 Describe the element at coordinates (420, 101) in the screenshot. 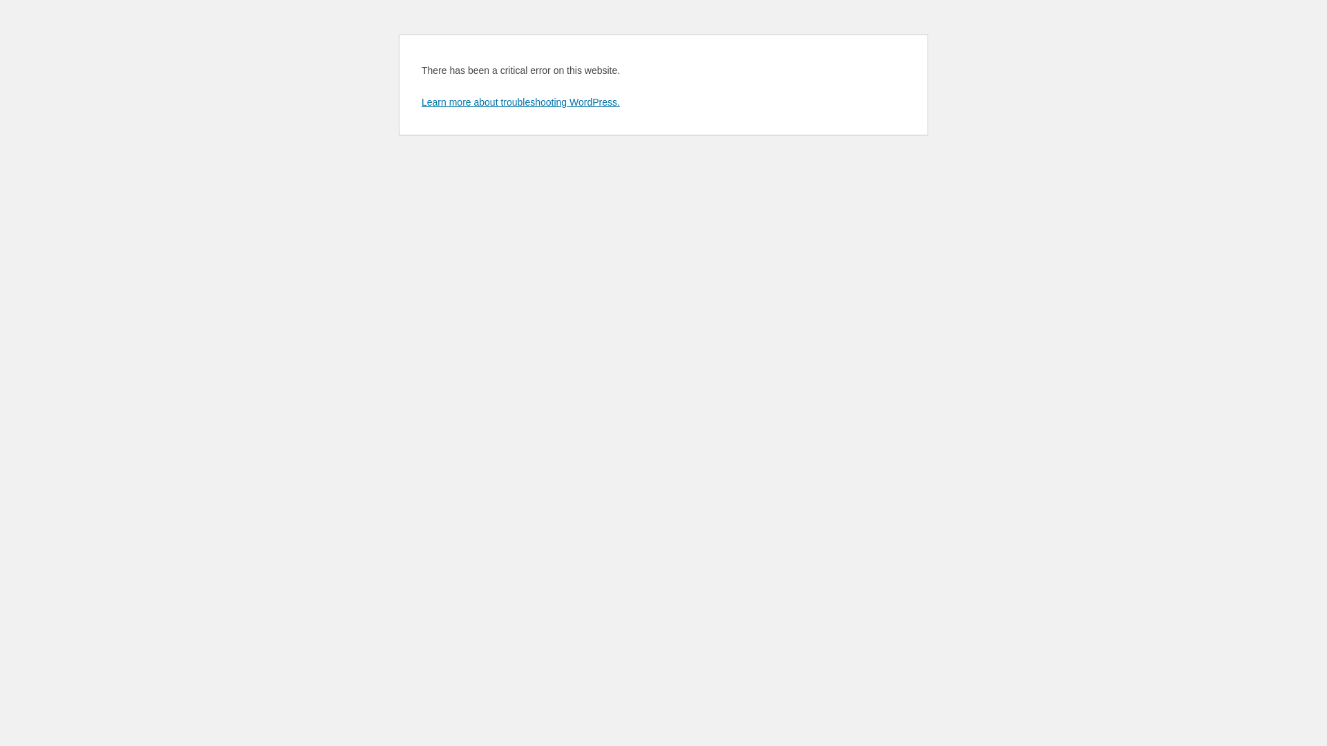

I see `'Learn more about troubleshooting WordPress.'` at that location.